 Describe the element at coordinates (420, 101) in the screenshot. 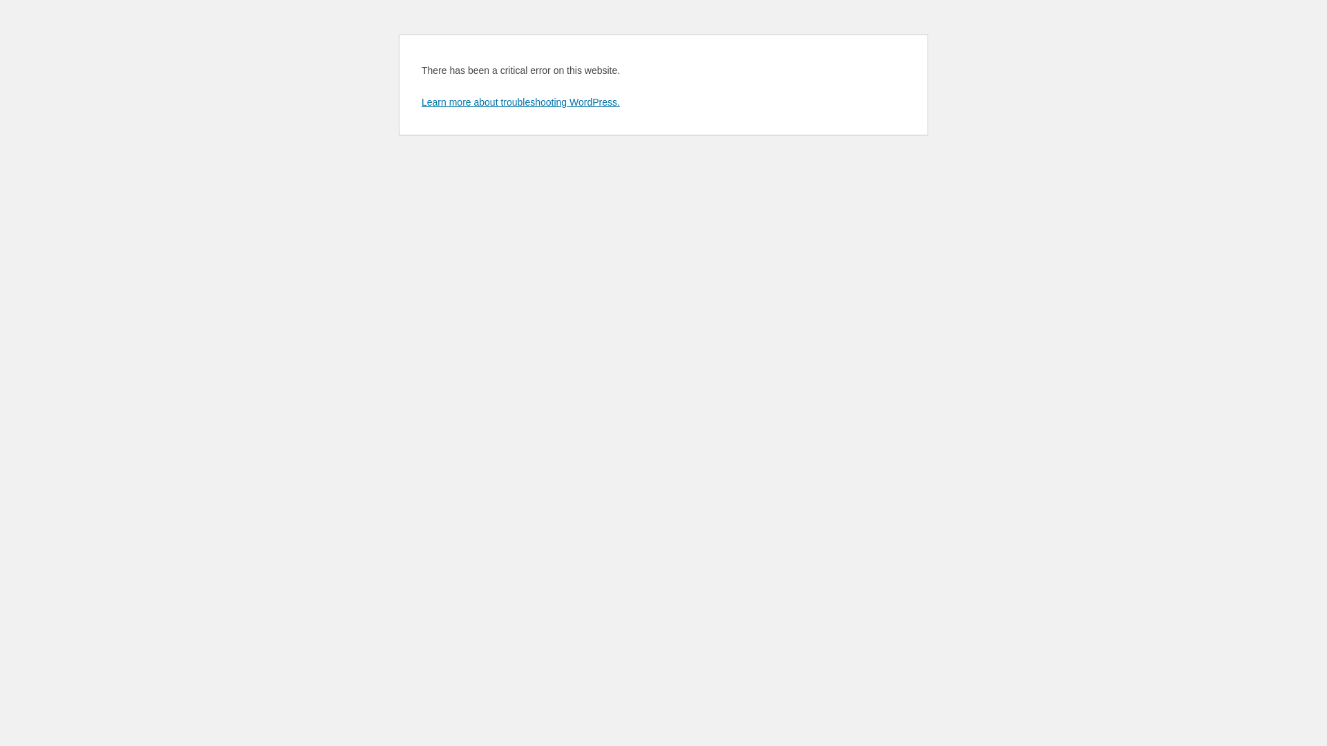

I see `'Learn more about troubleshooting WordPress.'` at that location.